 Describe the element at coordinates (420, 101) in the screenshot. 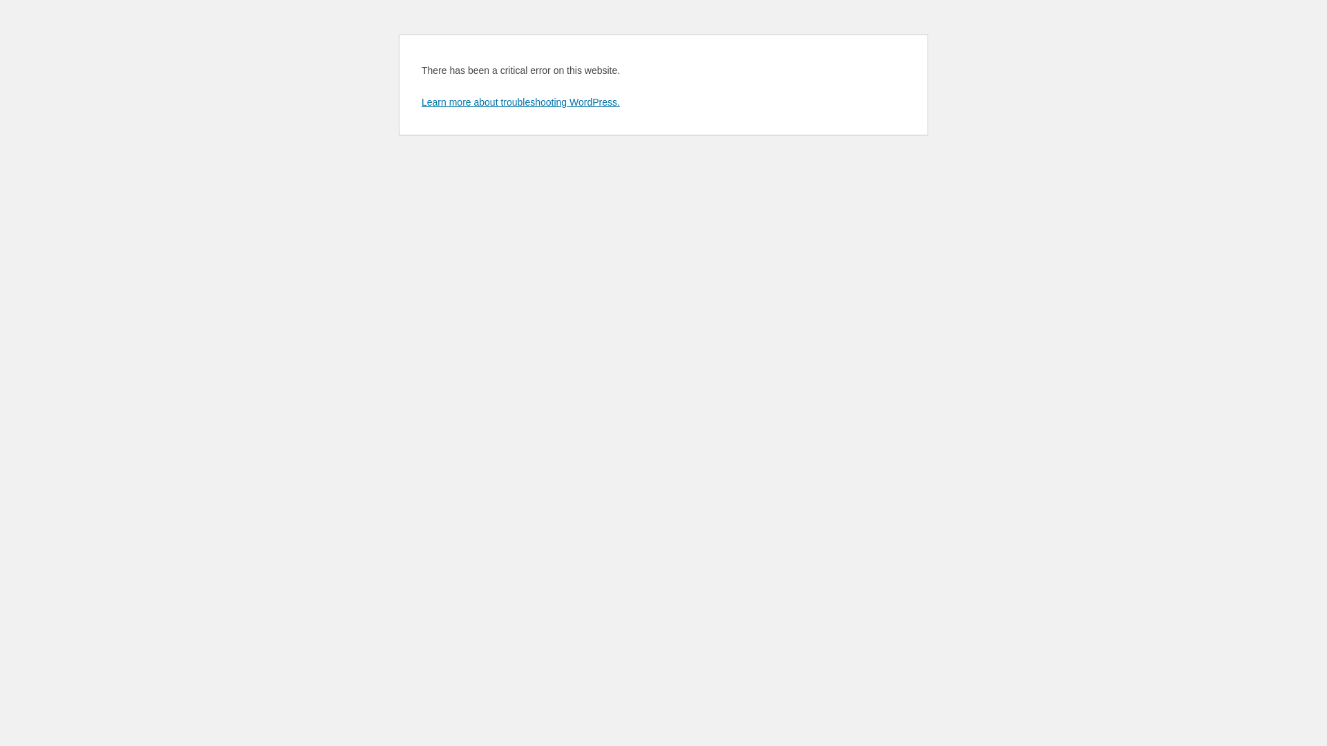

I see `'Learn more about troubleshooting WordPress.'` at that location.